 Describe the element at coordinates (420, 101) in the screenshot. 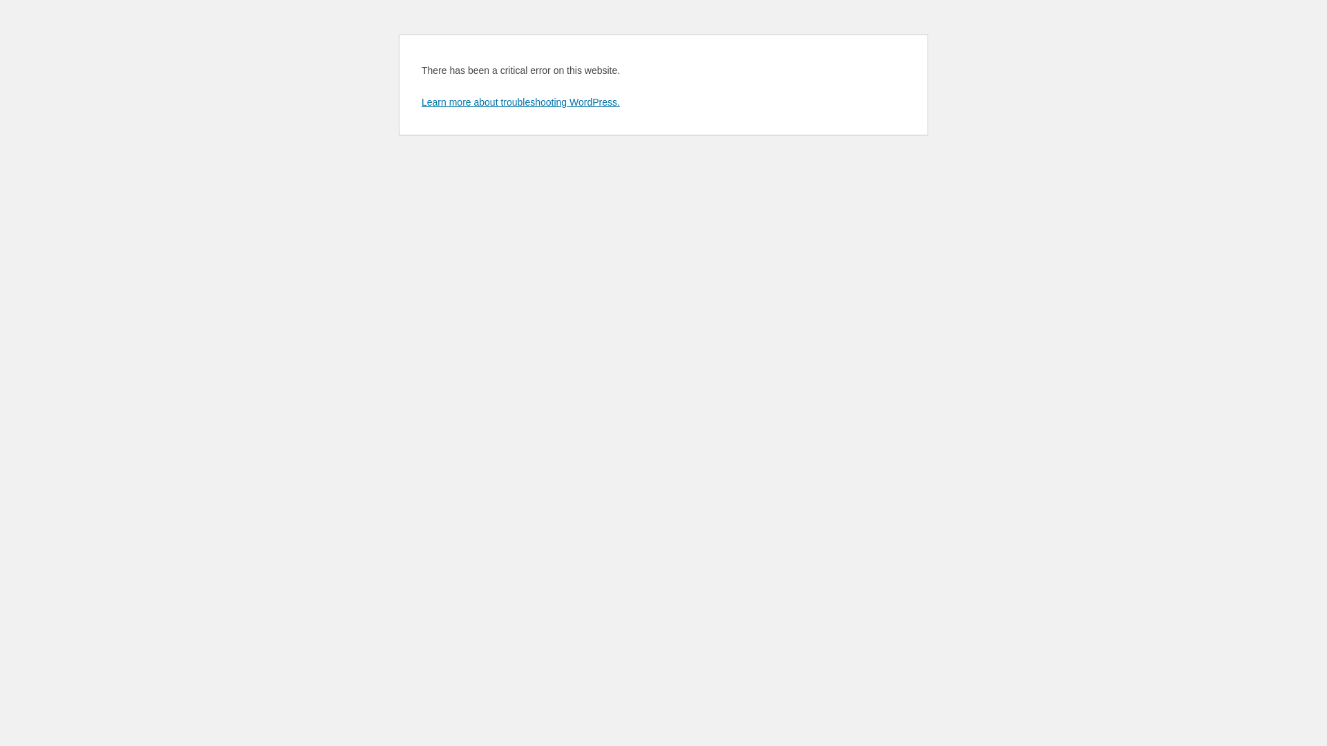

I see `'Learn more about troubleshooting WordPress.'` at that location.